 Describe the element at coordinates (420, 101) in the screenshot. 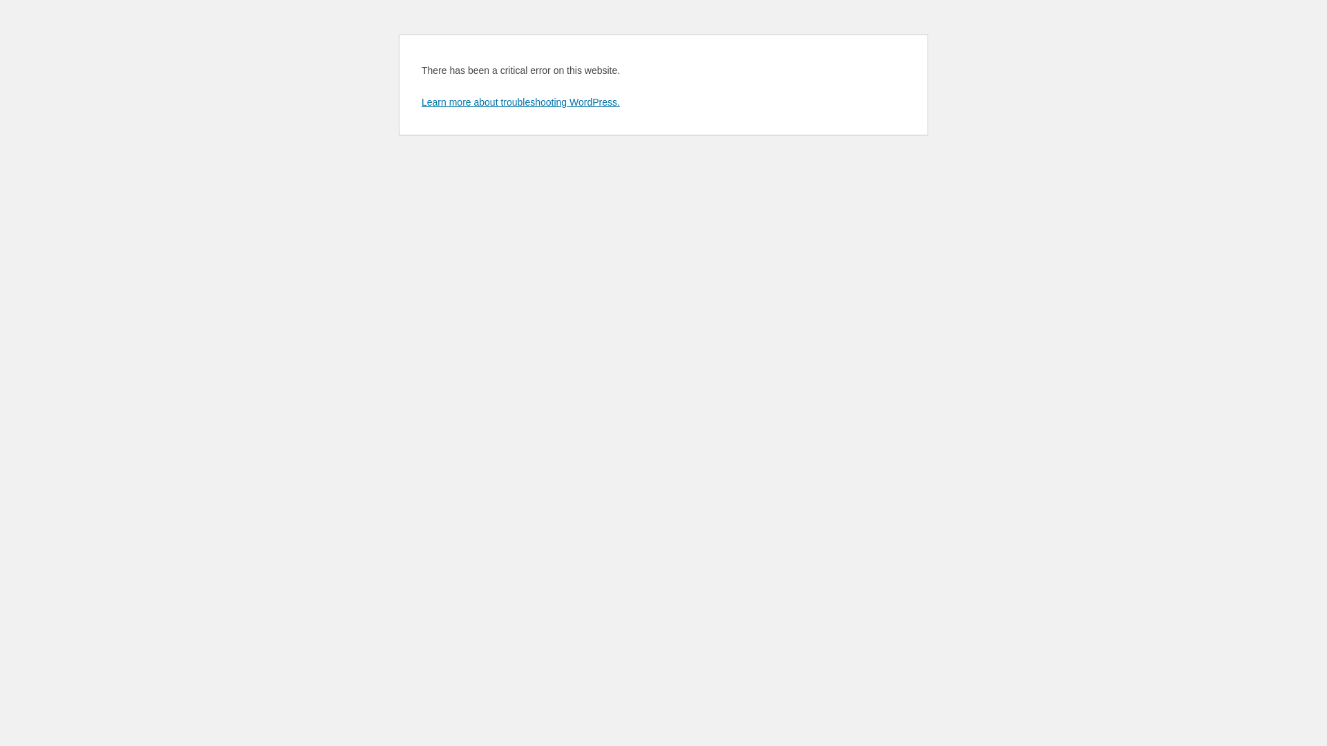

I see `'Learn more about troubleshooting WordPress.'` at that location.